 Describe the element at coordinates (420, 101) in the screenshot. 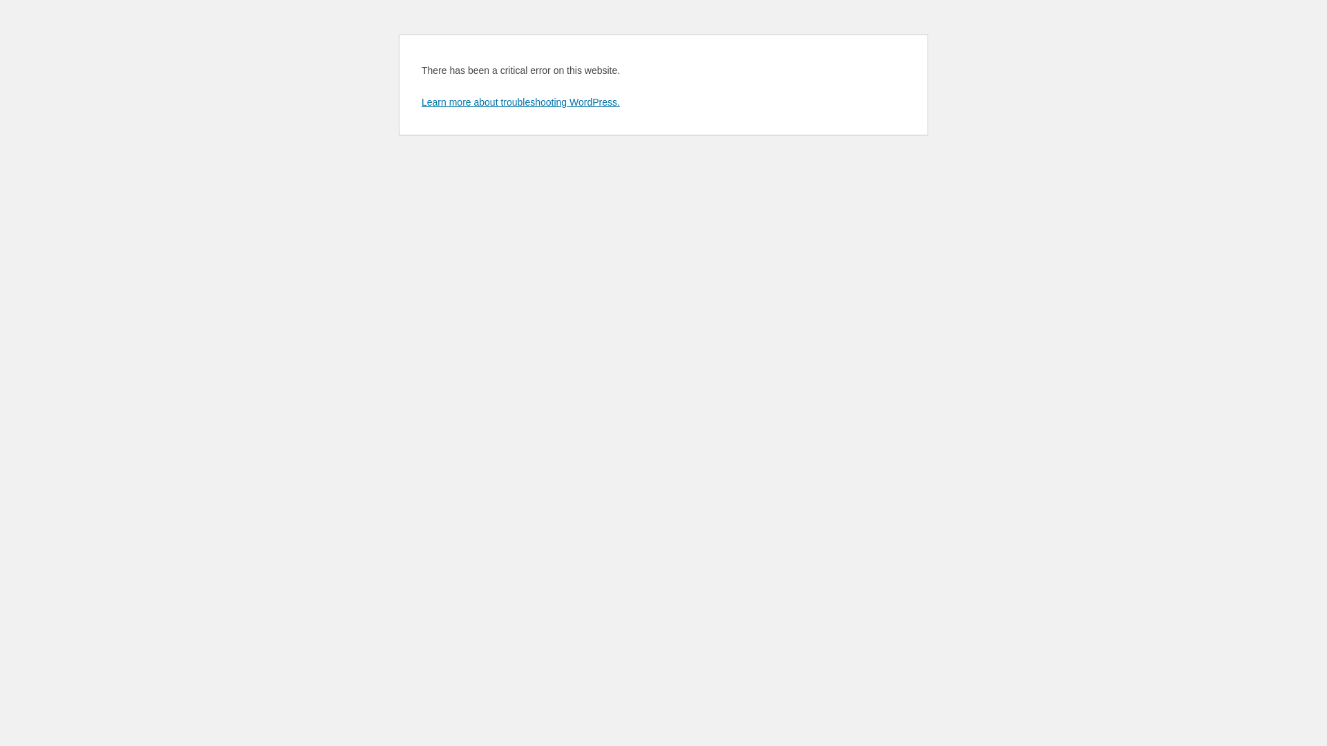

I see `'Learn more about troubleshooting WordPress.'` at that location.